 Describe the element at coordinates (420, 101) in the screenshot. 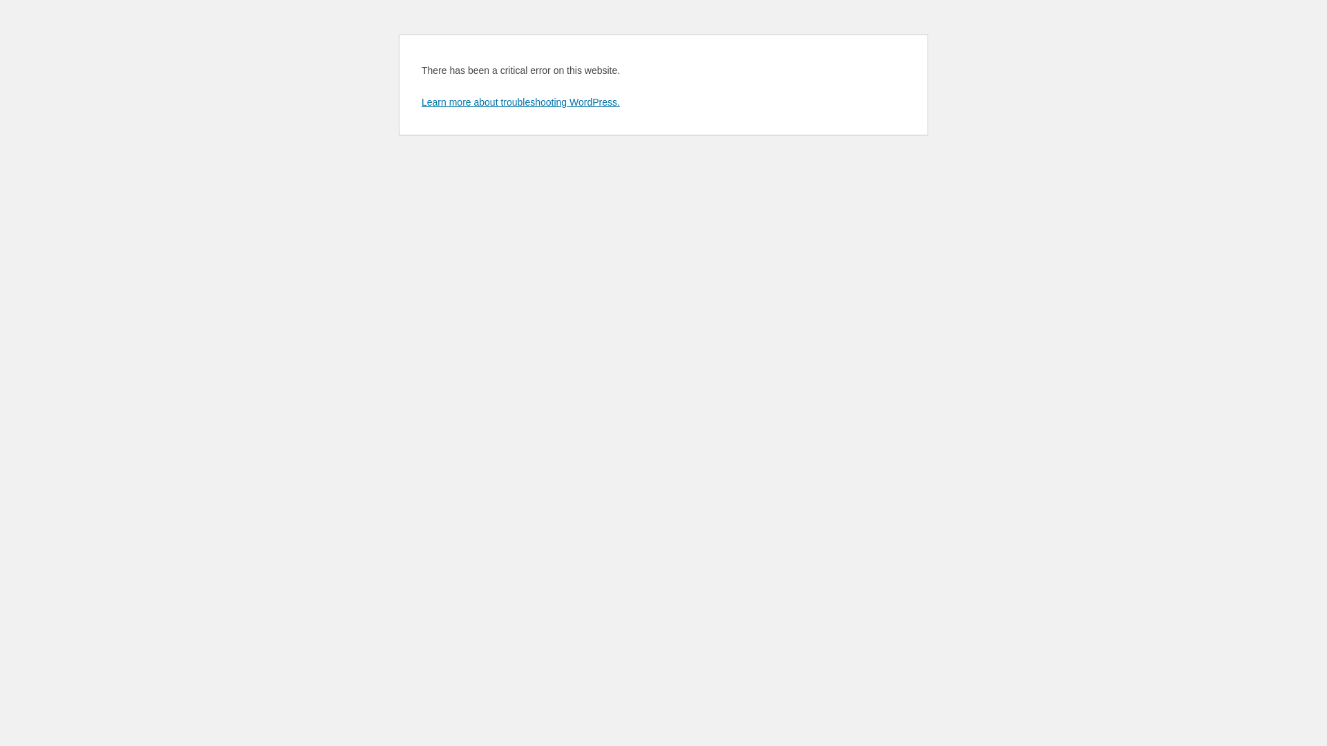

I see `'Learn more about troubleshooting WordPress.'` at that location.